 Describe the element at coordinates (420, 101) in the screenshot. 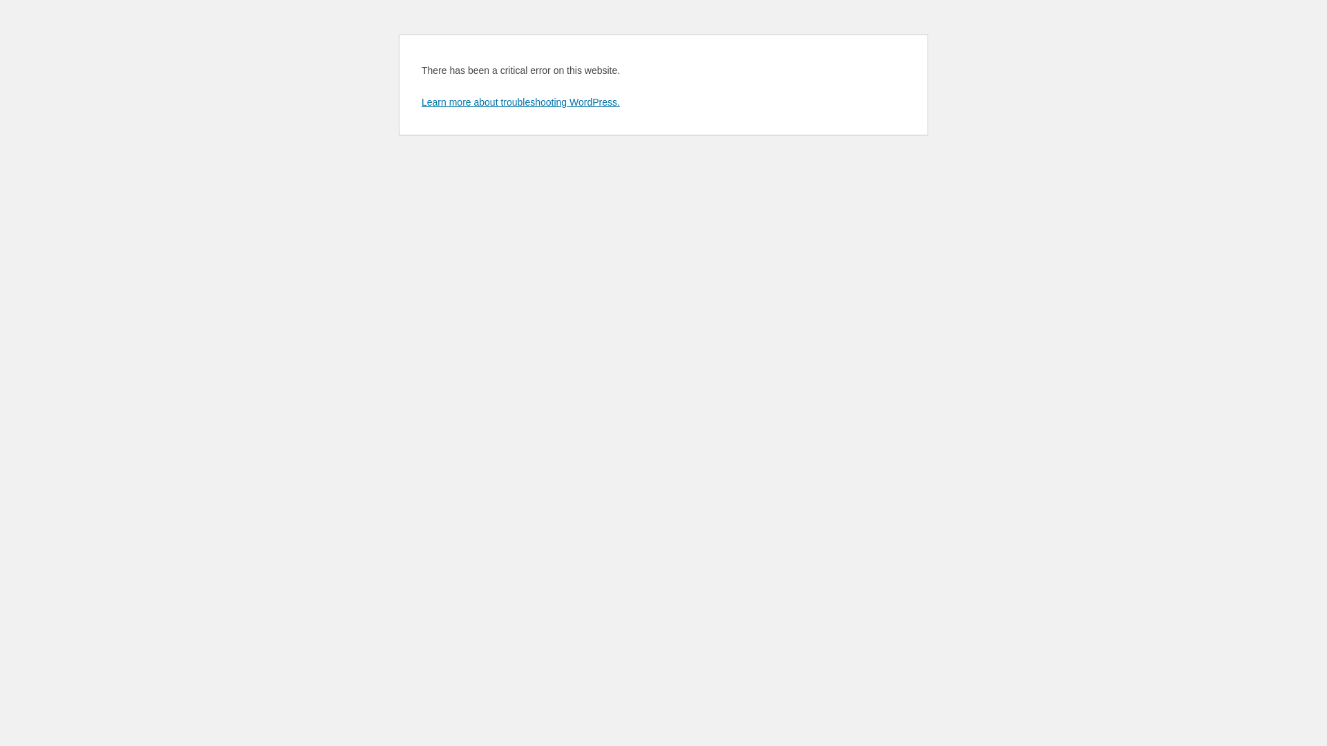

I see `'Learn more about troubleshooting WordPress.'` at that location.